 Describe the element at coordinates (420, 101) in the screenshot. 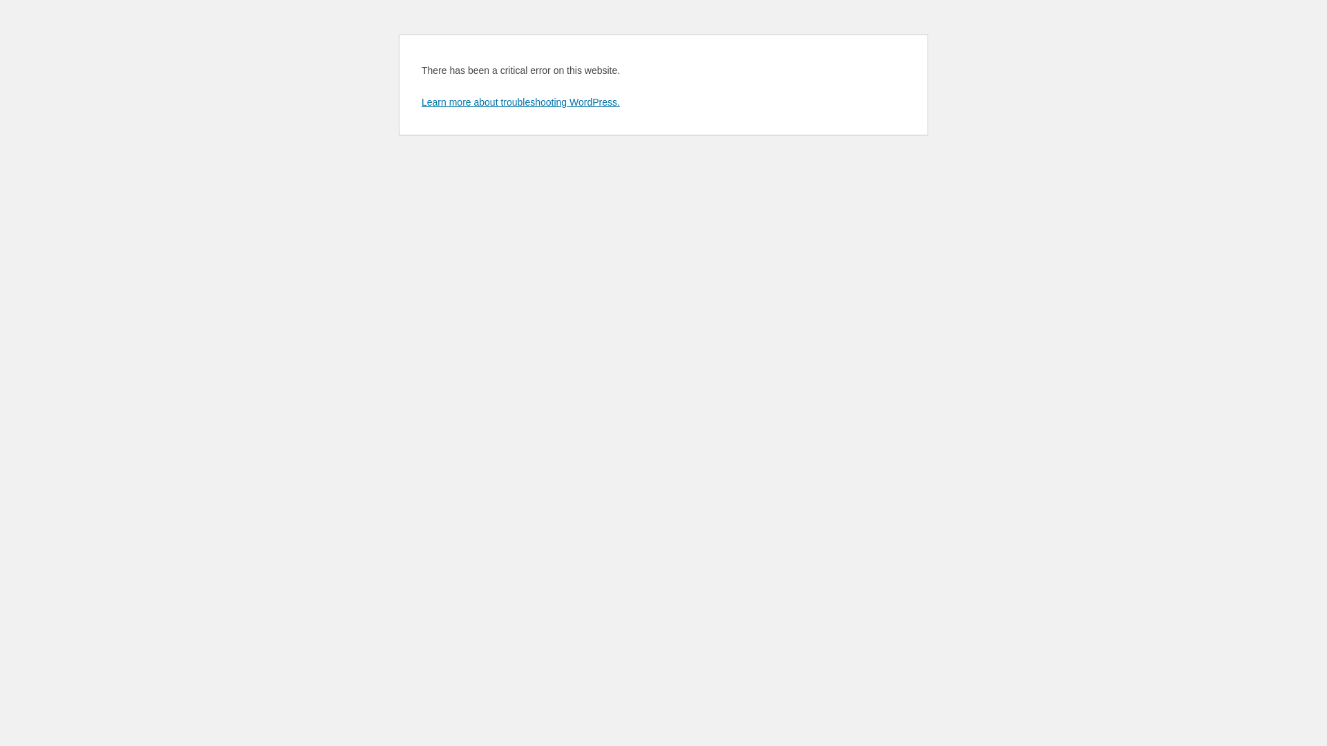

I see `'Learn more about troubleshooting WordPress.'` at that location.